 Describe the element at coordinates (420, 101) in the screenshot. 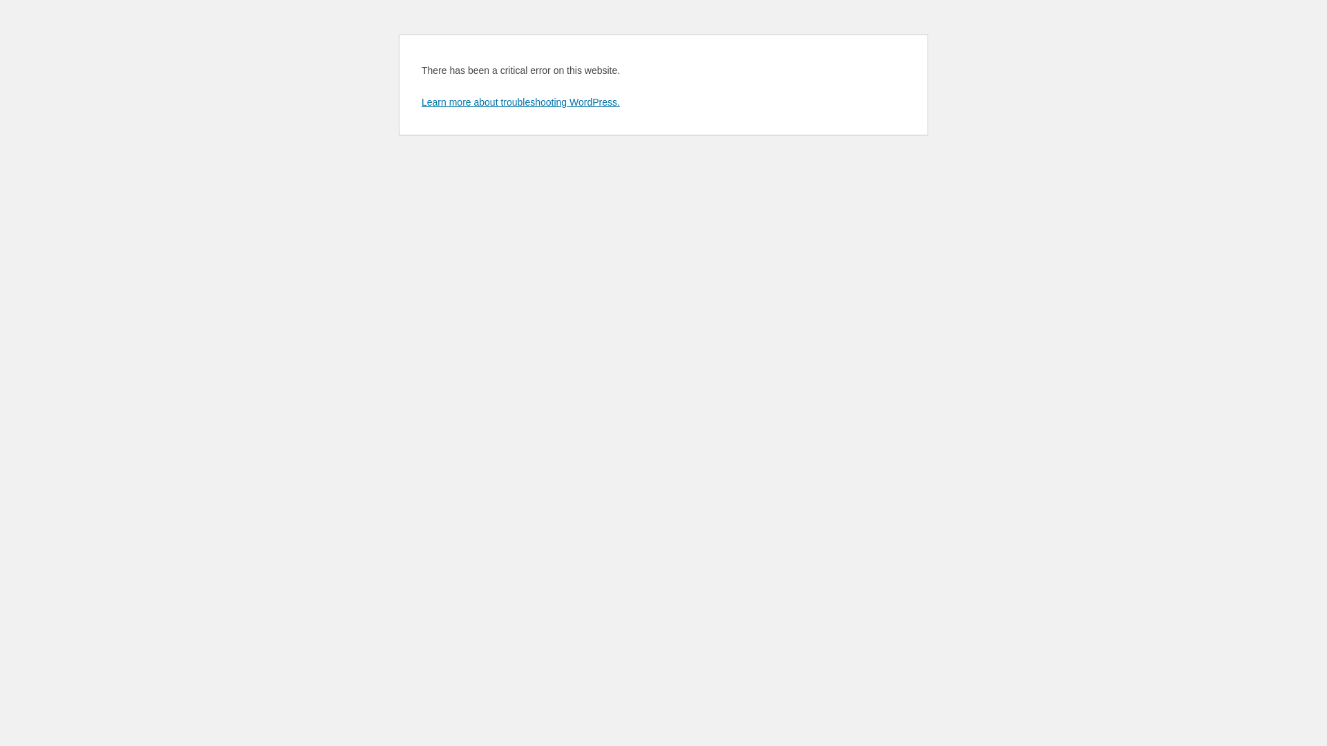

I see `'Learn more about troubleshooting WordPress.'` at that location.